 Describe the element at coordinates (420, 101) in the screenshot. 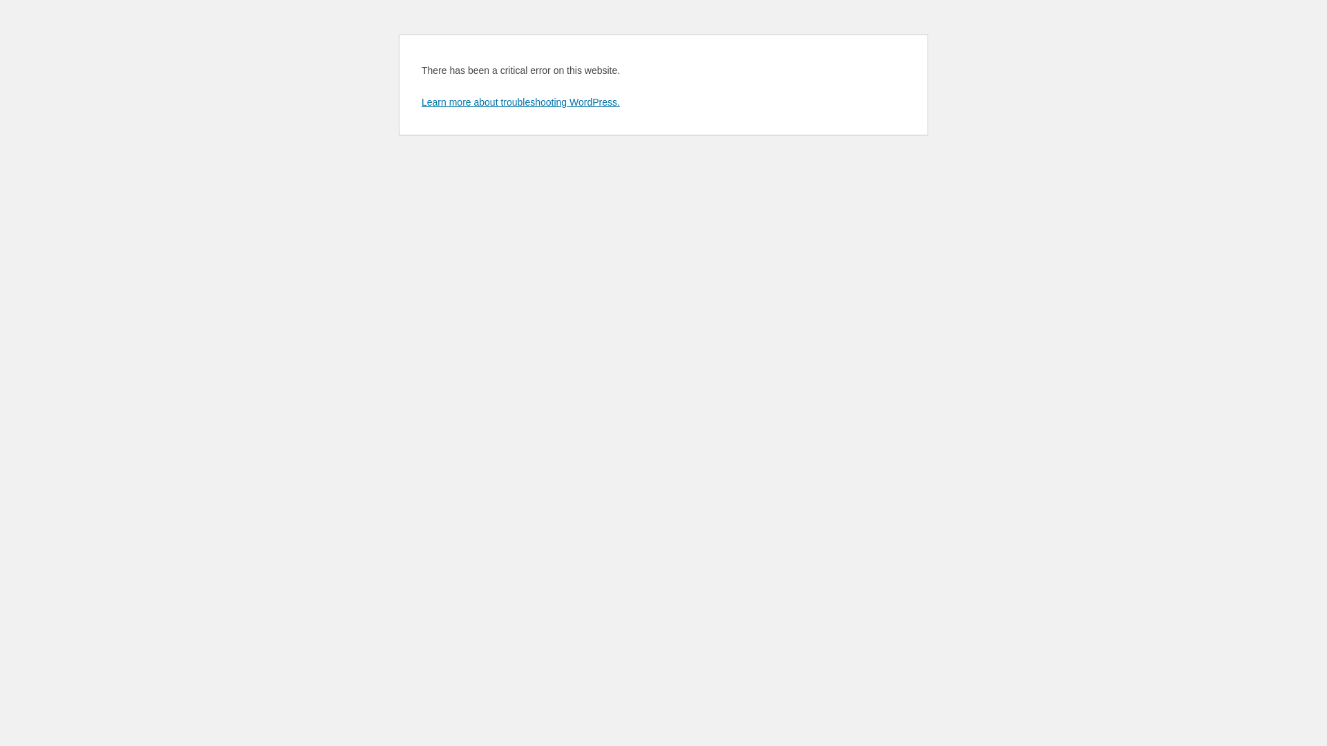

I see `'Learn more about troubleshooting WordPress.'` at that location.